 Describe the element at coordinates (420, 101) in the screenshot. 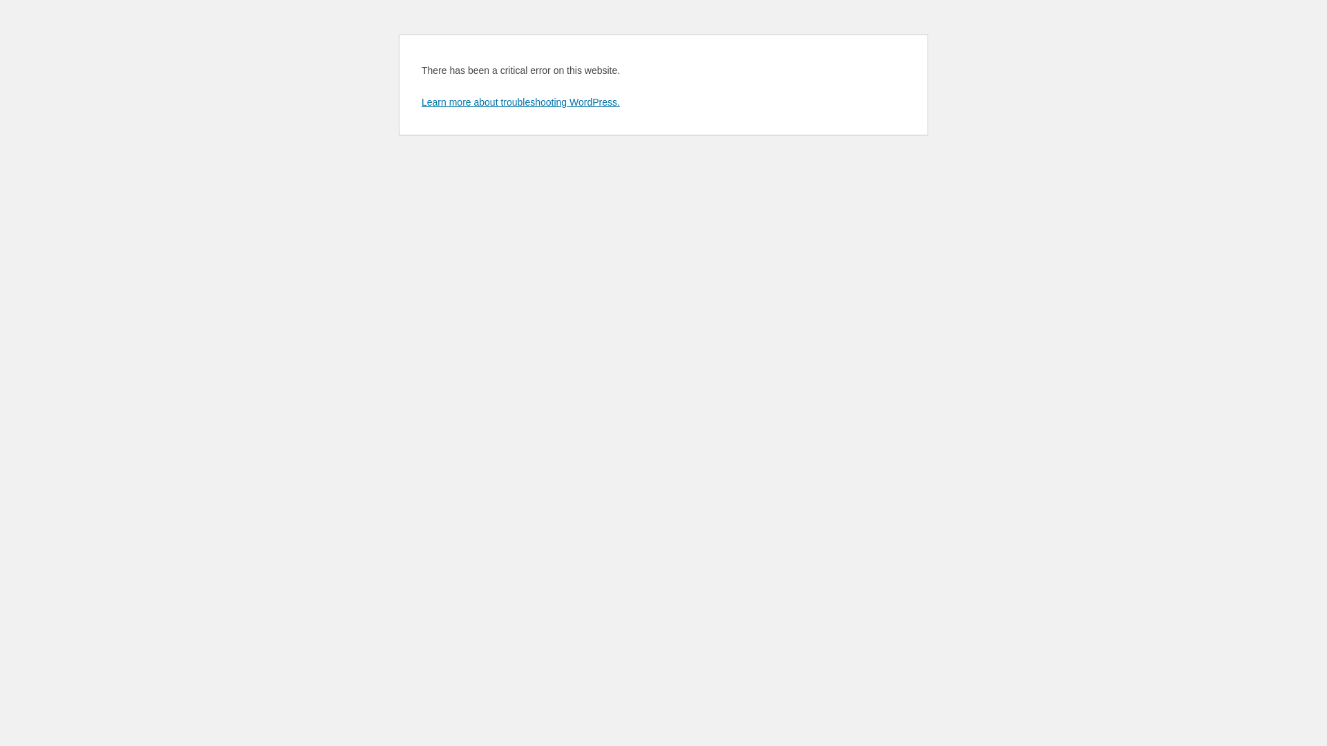

I see `'Learn more about troubleshooting WordPress.'` at that location.